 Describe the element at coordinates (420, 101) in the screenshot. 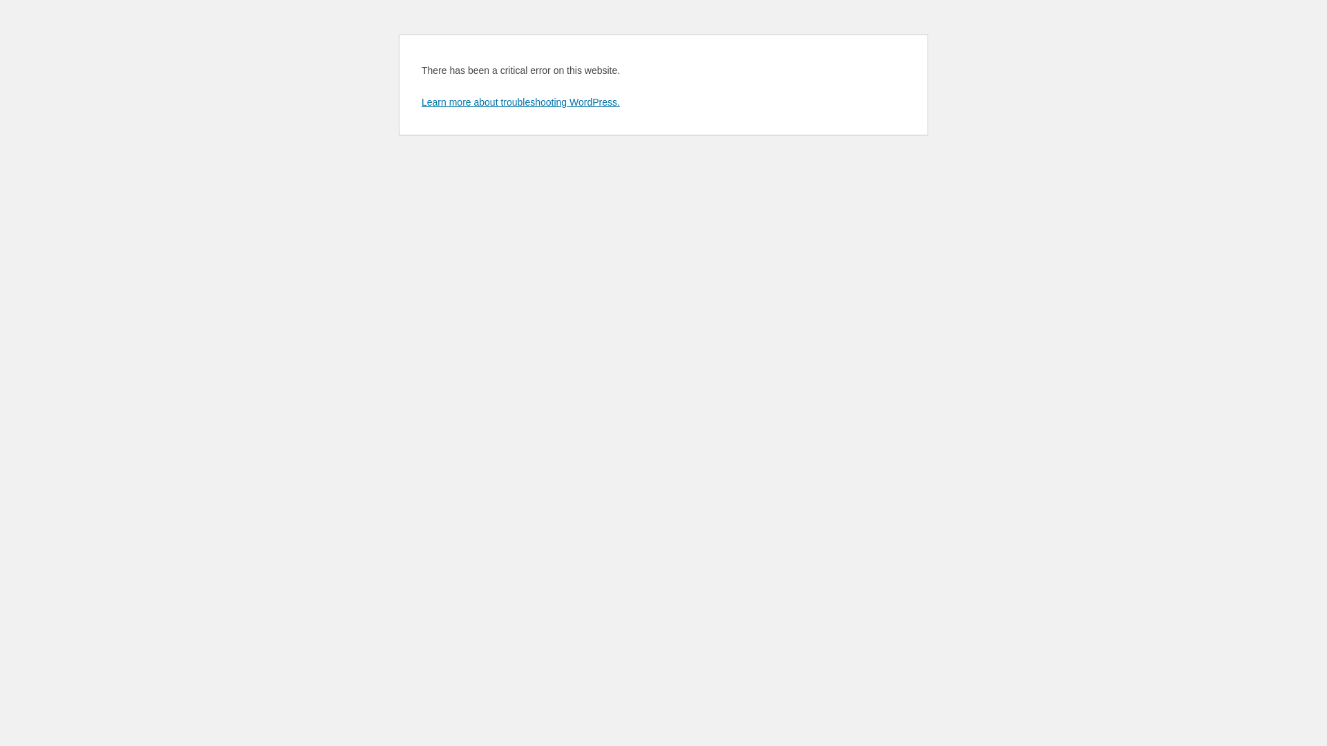

I see `'Learn more about troubleshooting WordPress.'` at that location.